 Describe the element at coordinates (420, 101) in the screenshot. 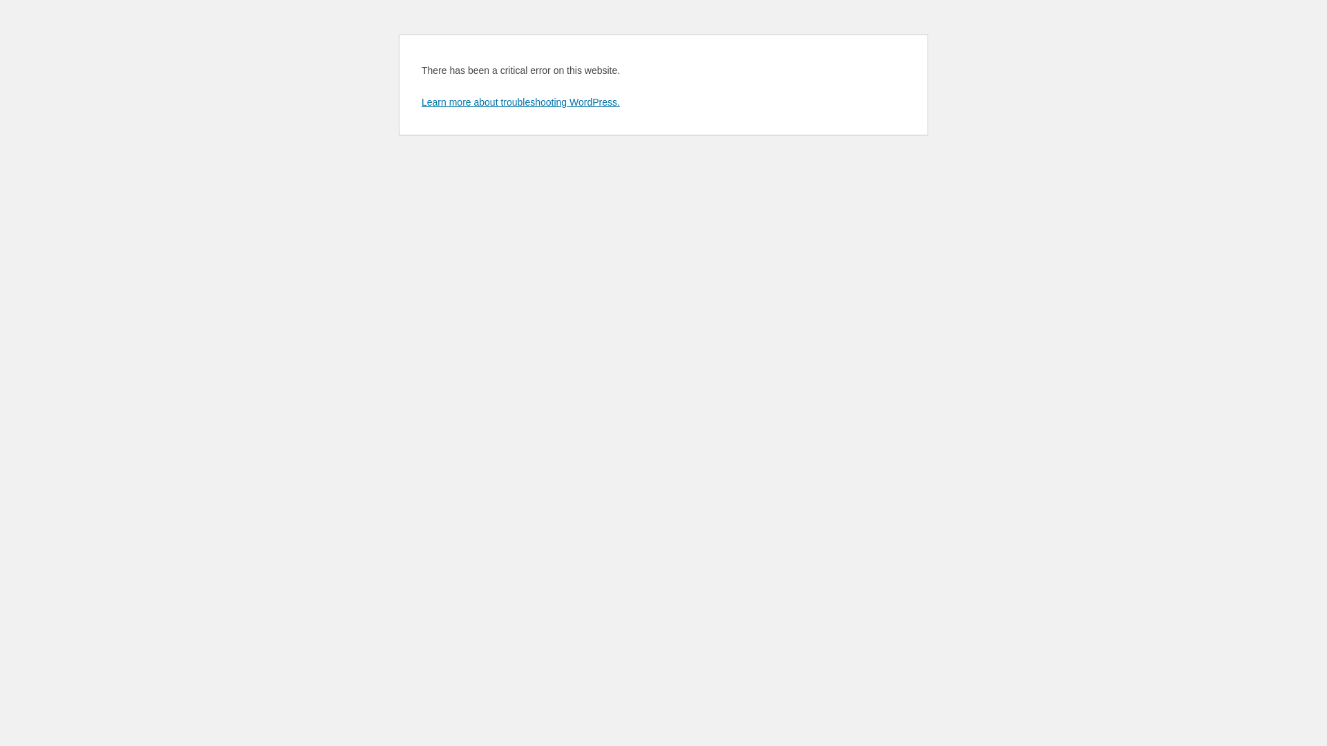

I see `'Learn more about troubleshooting WordPress.'` at that location.